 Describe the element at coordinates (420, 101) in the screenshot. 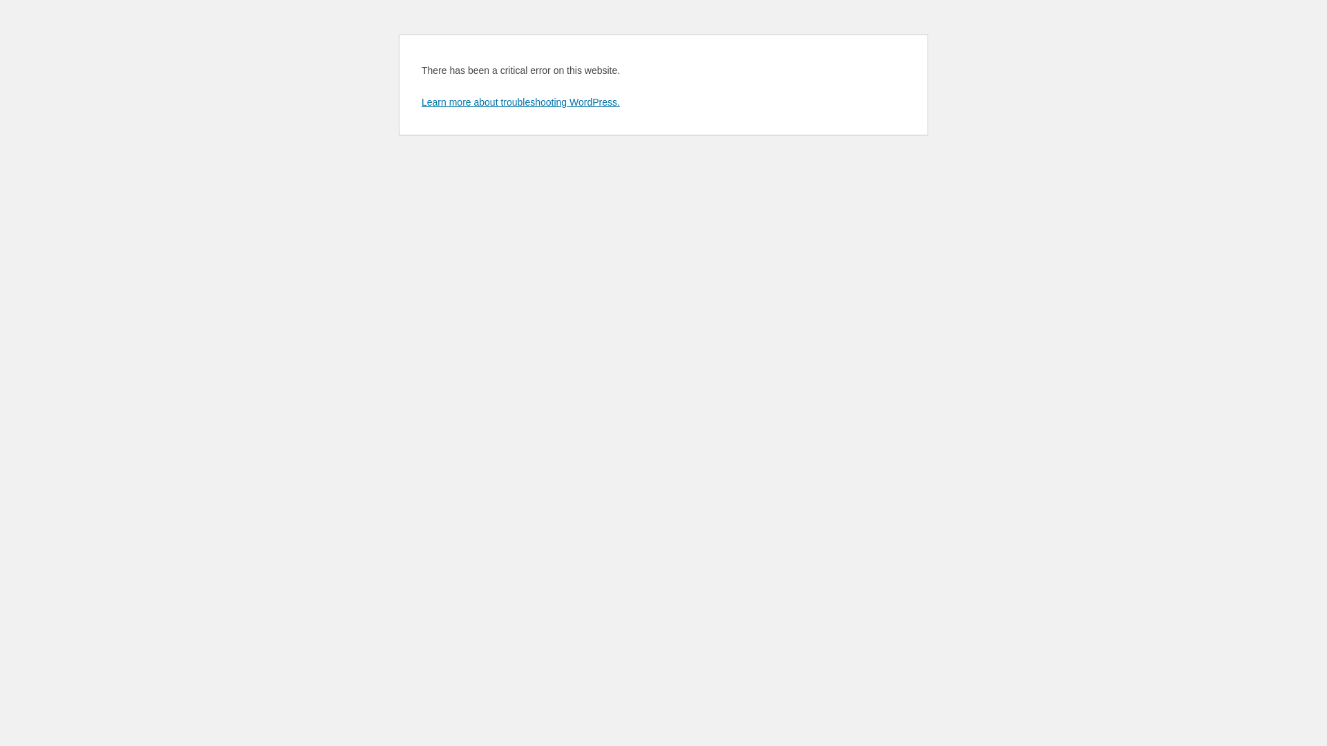

I see `'Learn more about troubleshooting WordPress.'` at that location.